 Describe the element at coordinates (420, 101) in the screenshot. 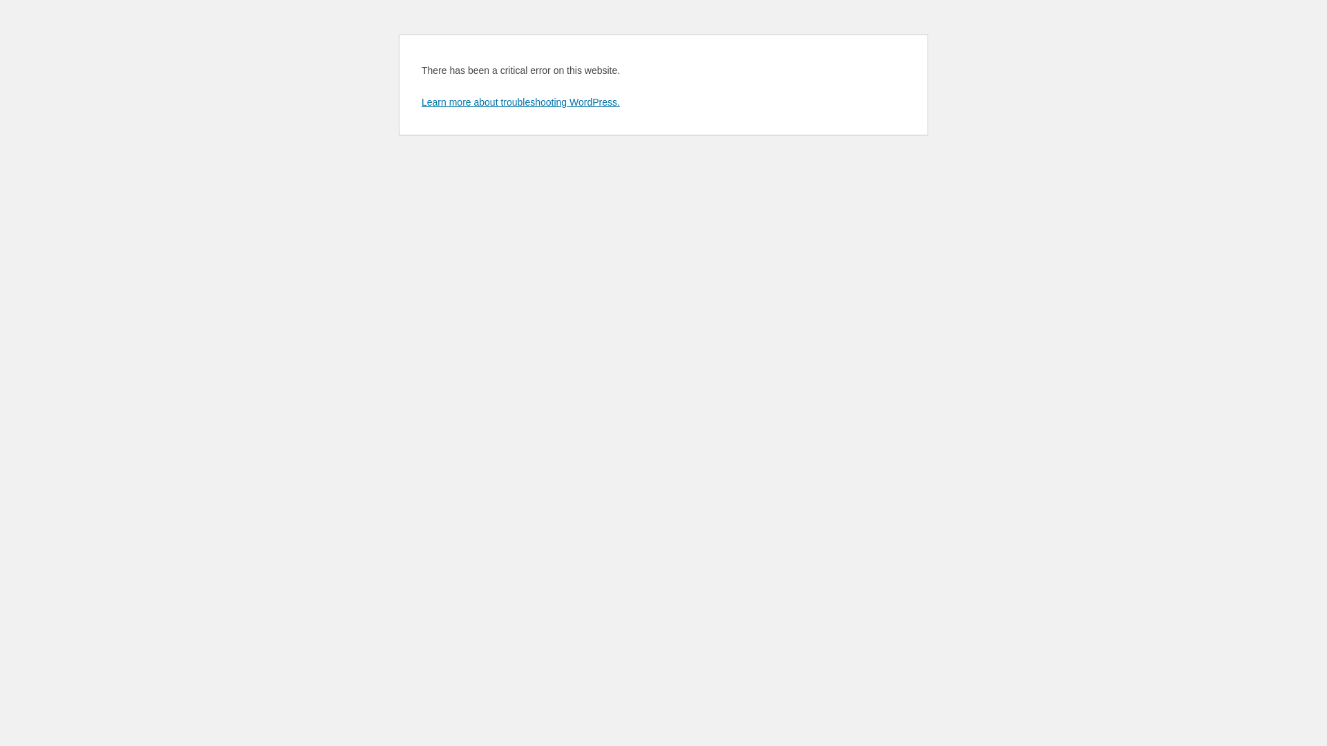

I see `'Learn more about troubleshooting WordPress.'` at that location.